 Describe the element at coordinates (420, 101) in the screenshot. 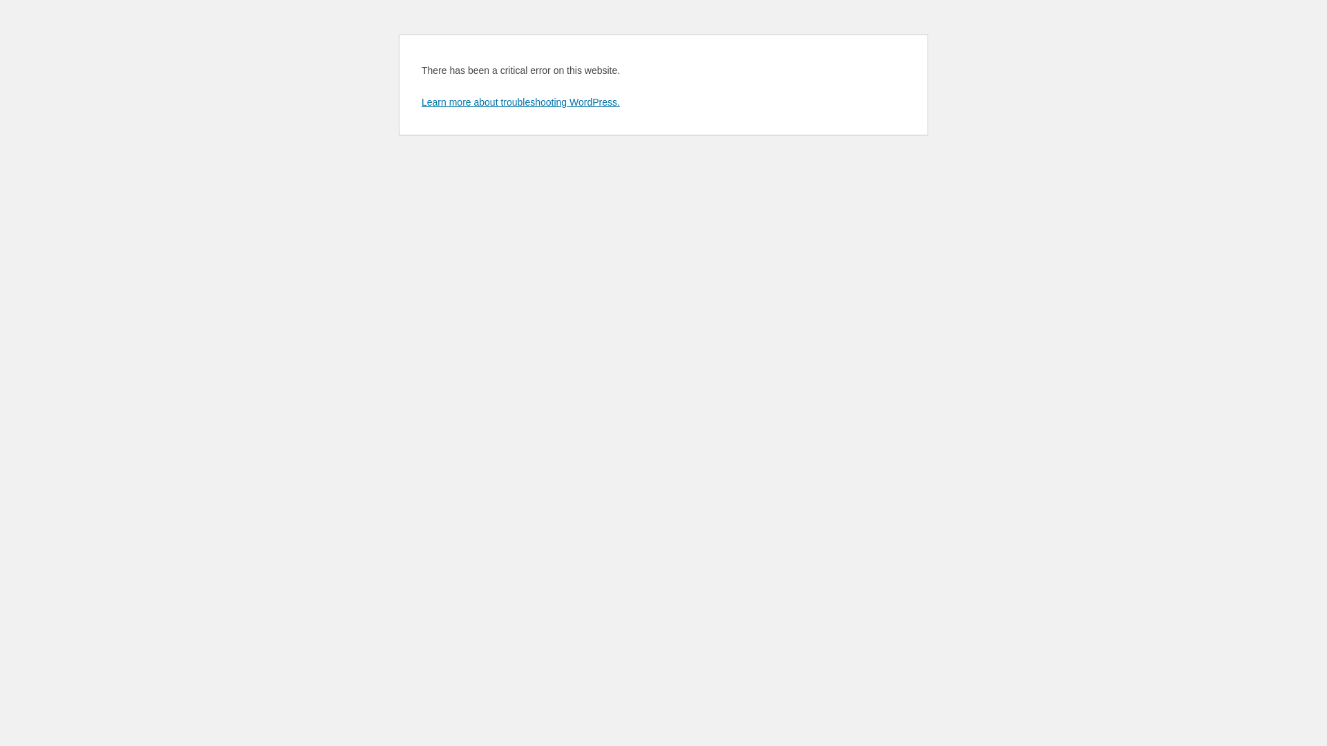

I see `'Learn more about troubleshooting WordPress.'` at that location.